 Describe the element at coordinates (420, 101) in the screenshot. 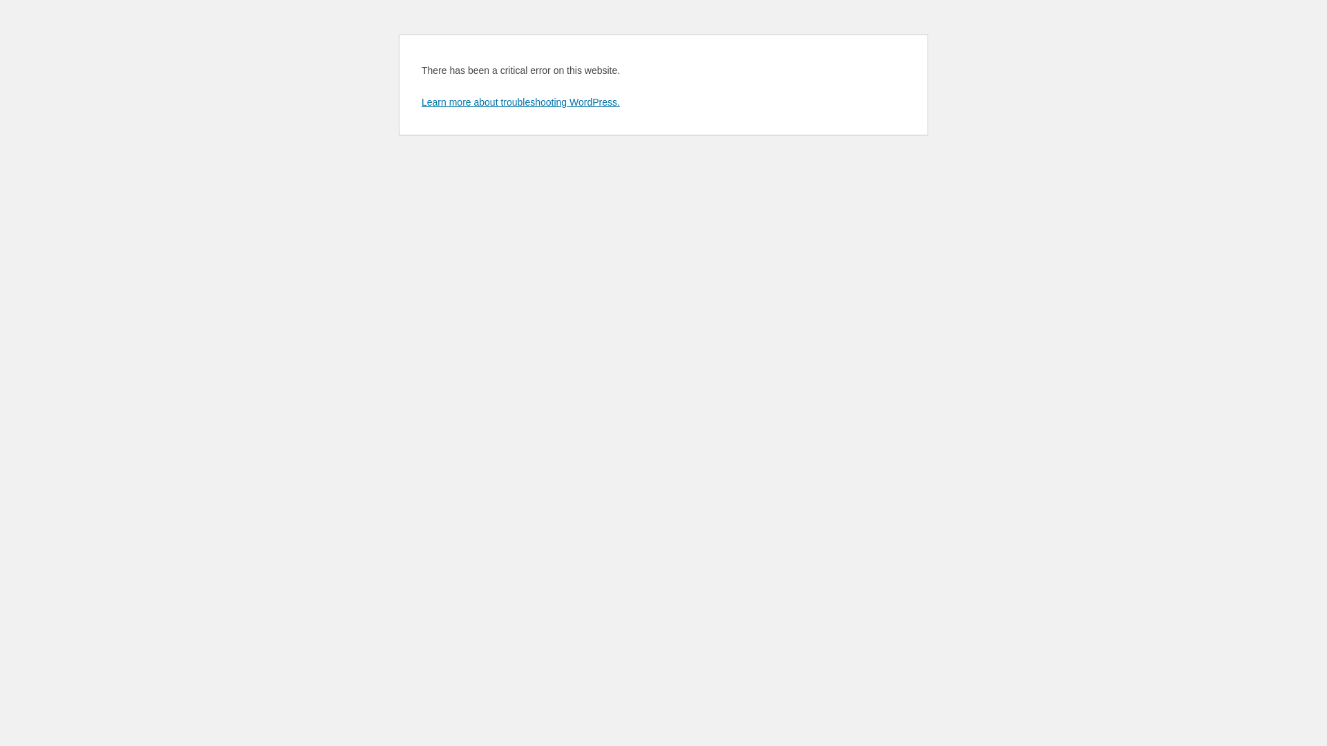

I see `'Learn more about troubleshooting WordPress.'` at that location.